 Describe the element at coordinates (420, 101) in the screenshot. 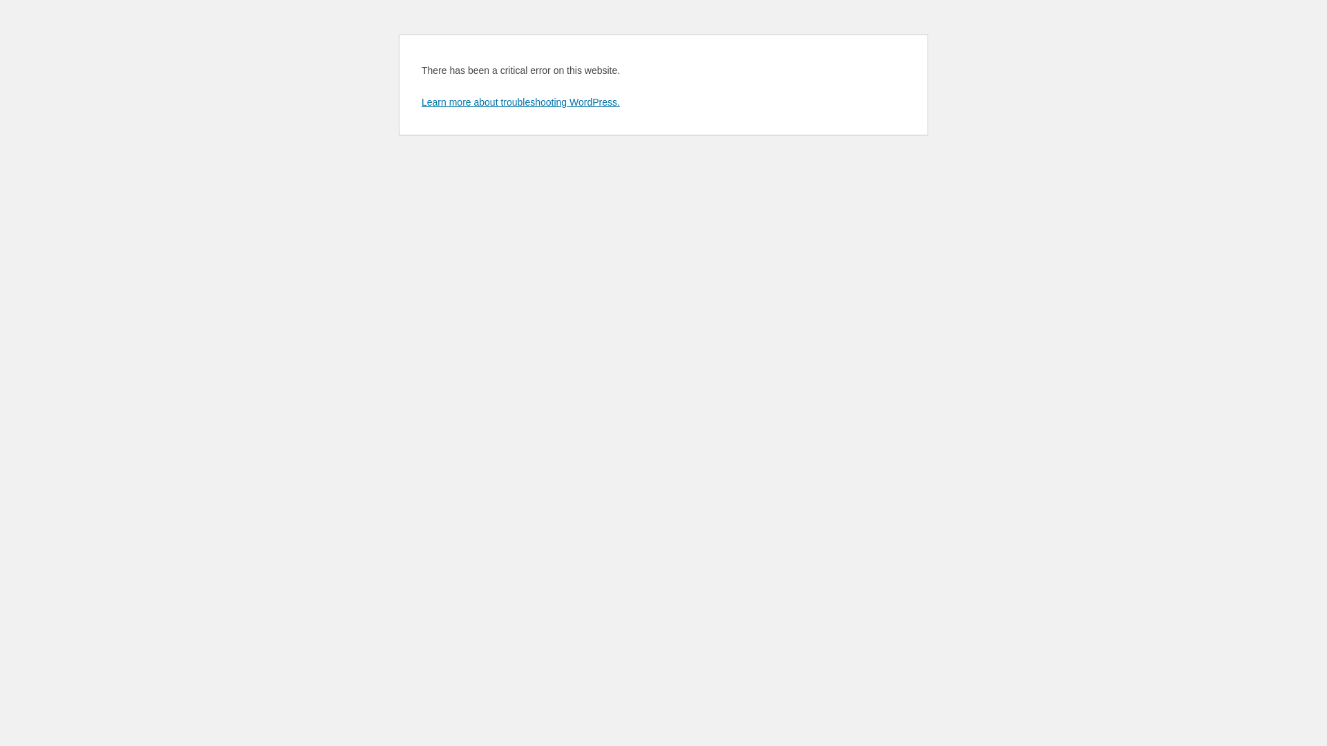

I see `'Learn more about troubleshooting WordPress.'` at that location.